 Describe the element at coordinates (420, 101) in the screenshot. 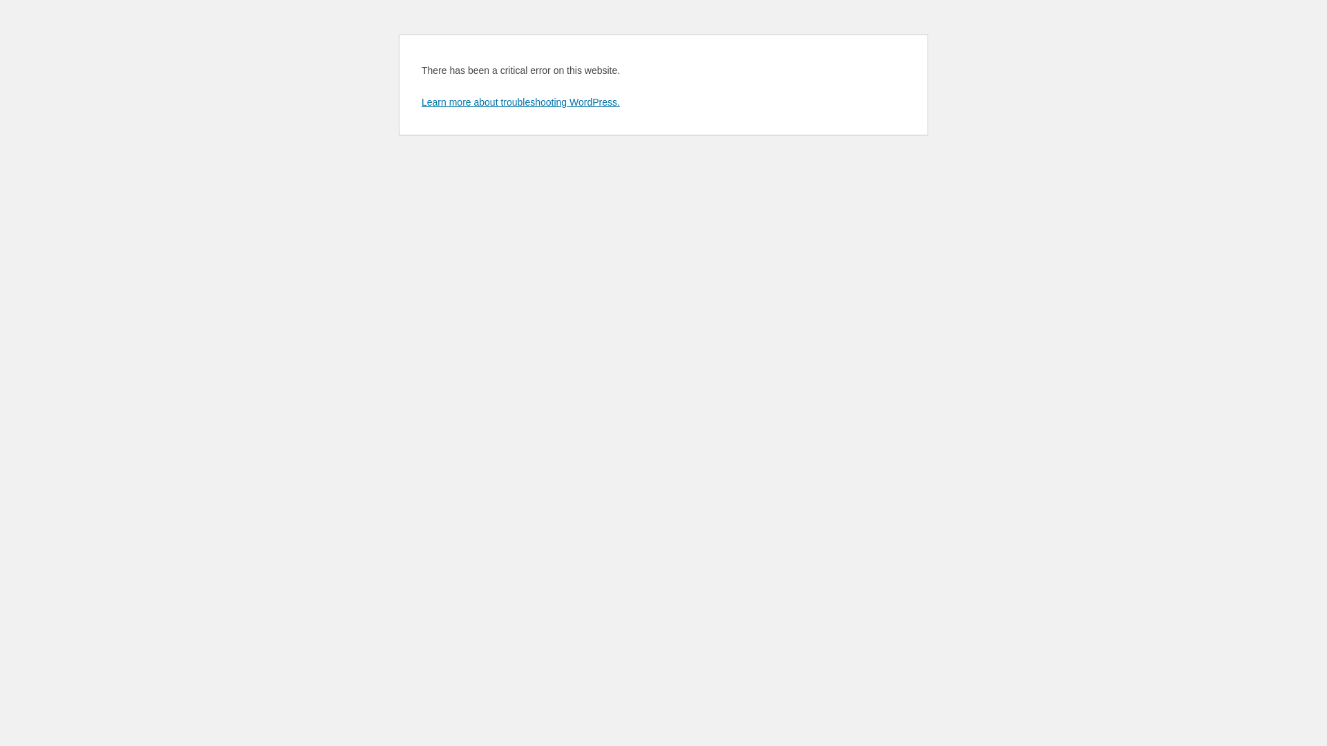

I see `'Learn more about troubleshooting WordPress.'` at that location.